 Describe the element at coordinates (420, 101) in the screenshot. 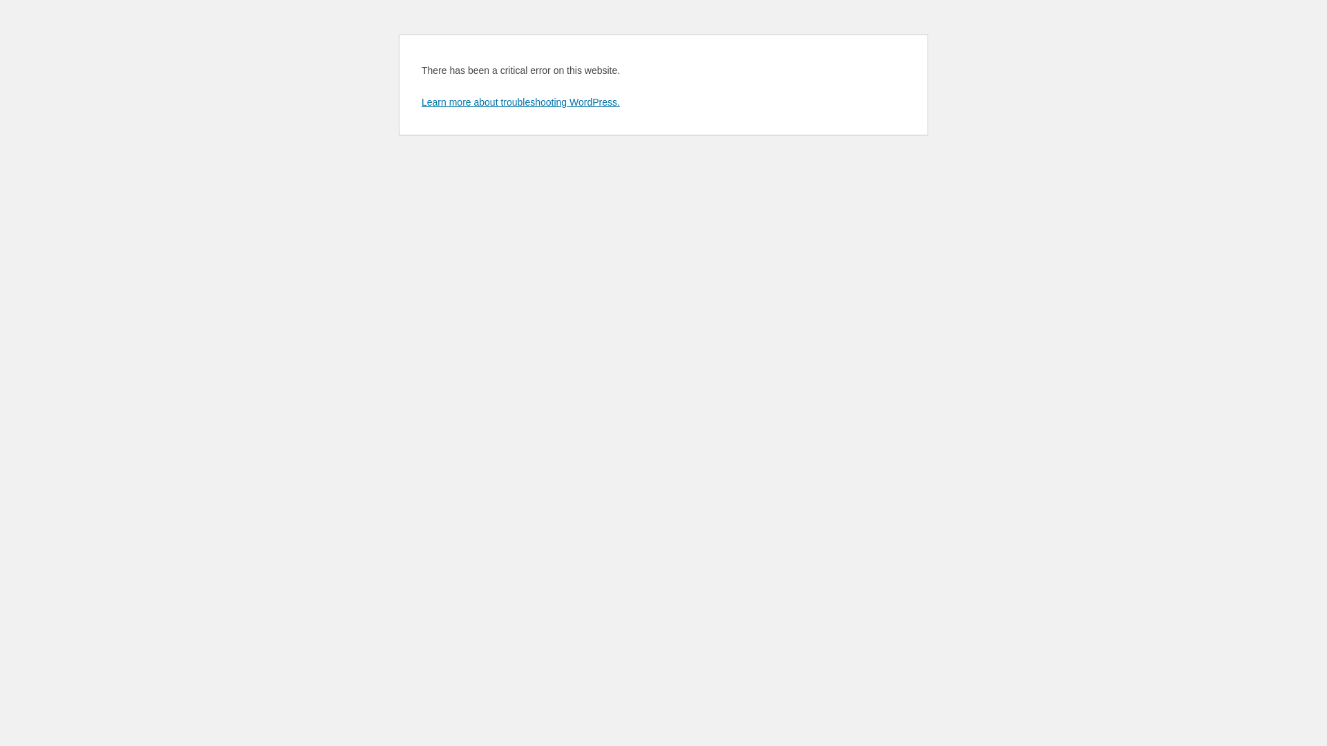

I see `'Learn more about troubleshooting WordPress.'` at that location.